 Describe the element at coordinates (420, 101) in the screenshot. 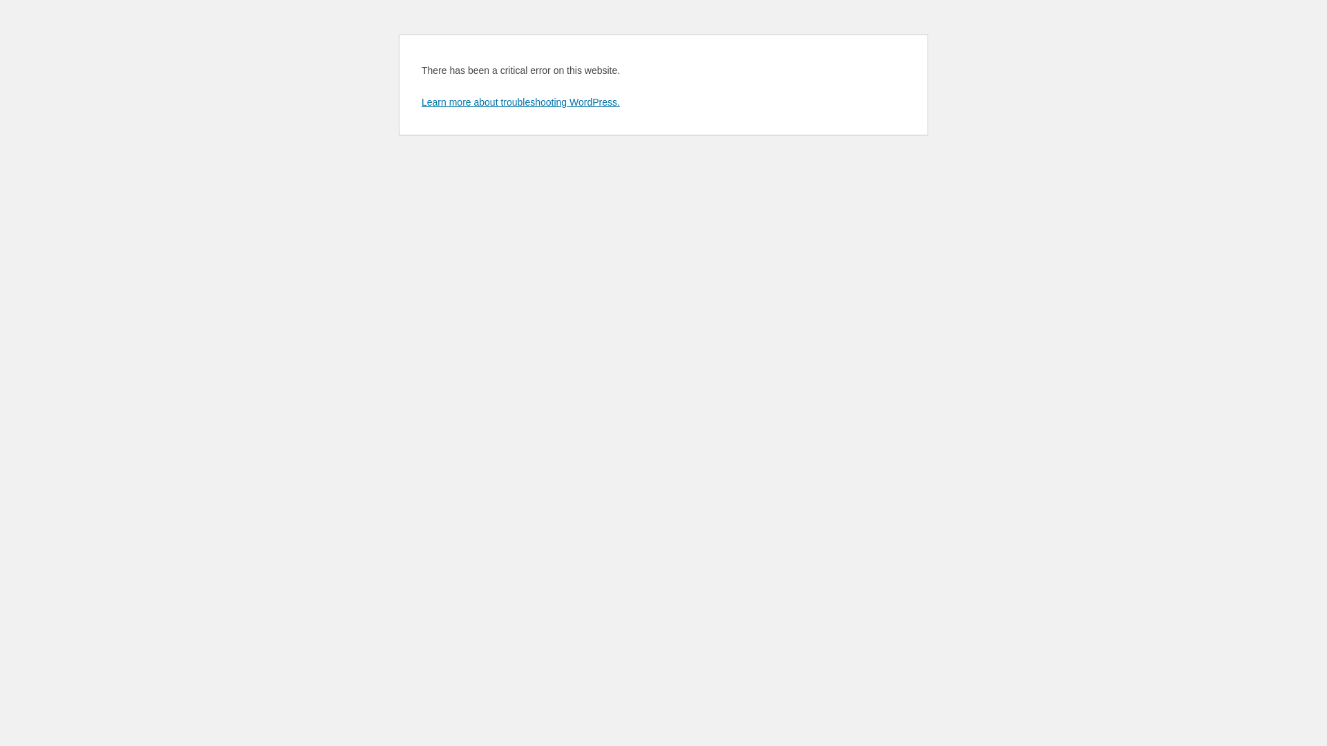

I see `'Learn more about troubleshooting WordPress.'` at that location.